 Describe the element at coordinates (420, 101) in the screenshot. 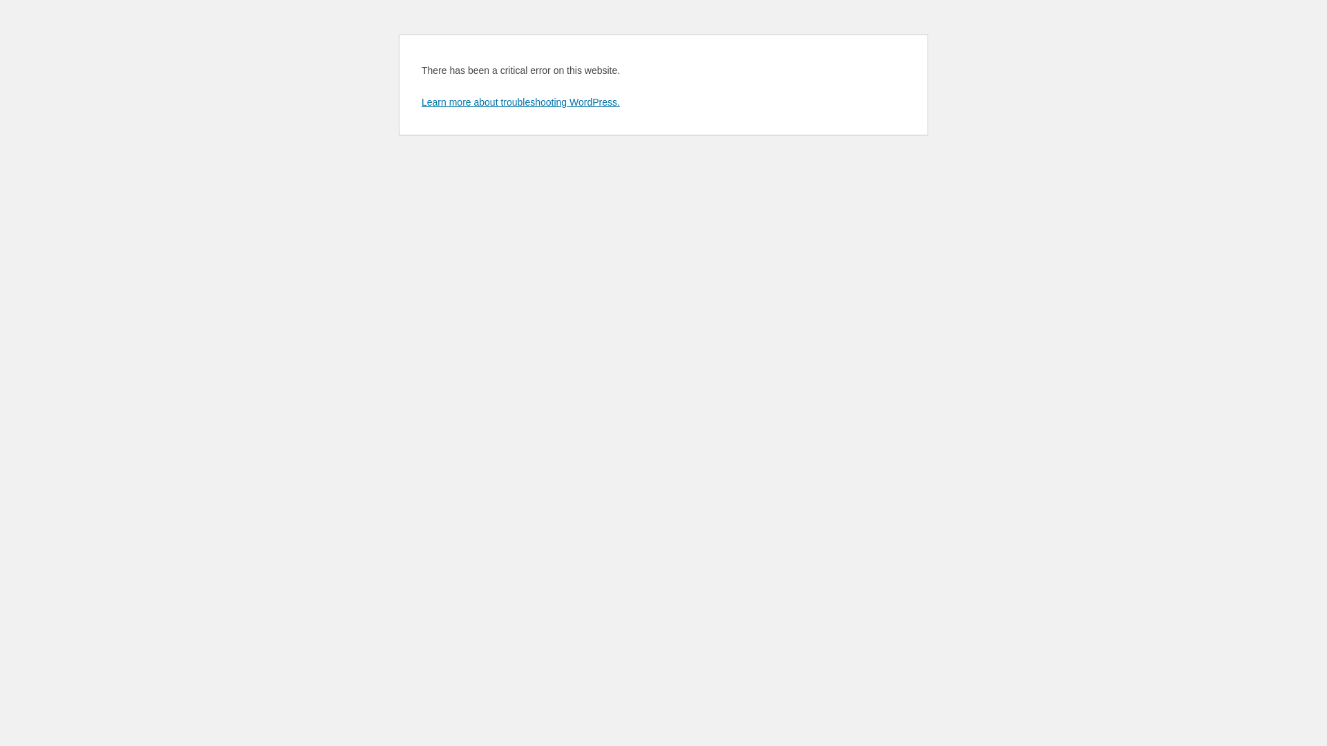

I see `'Learn more about troubleshooting WordPress.'` at that location.